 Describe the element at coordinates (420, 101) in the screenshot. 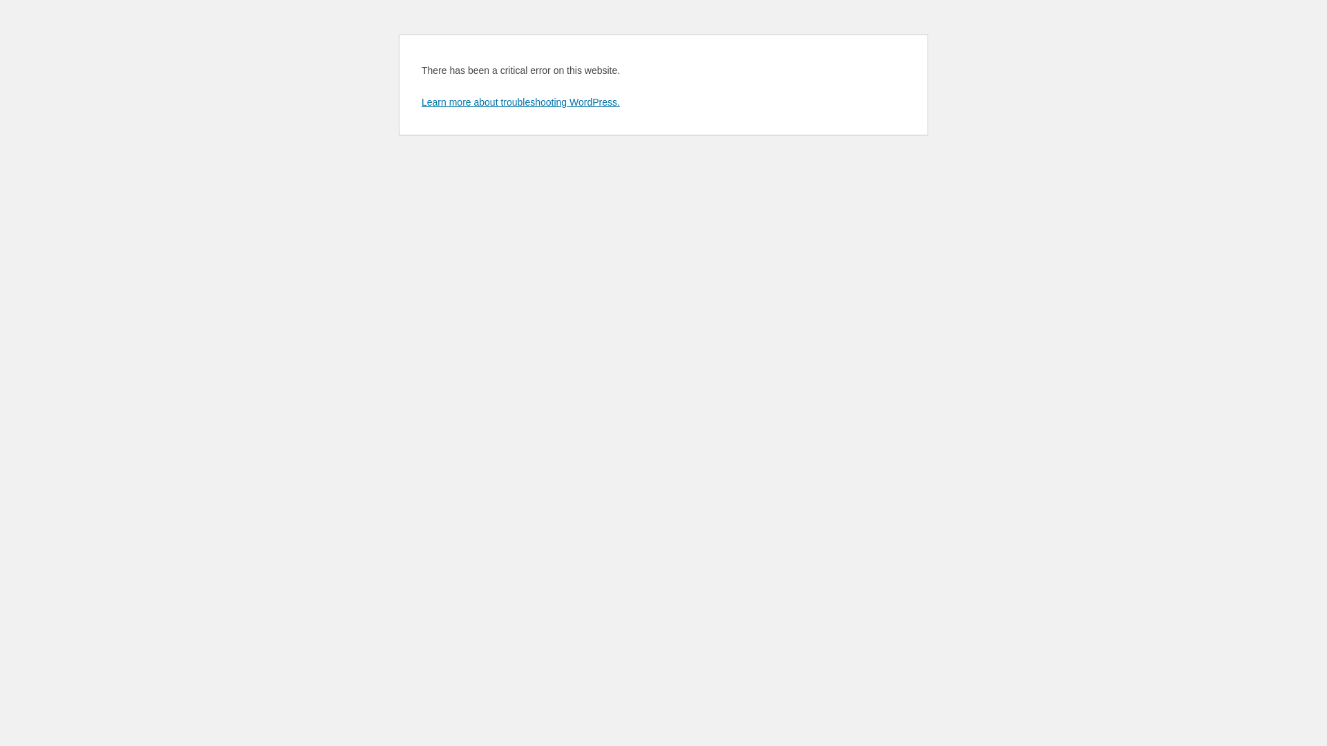

I see `'Learn more about troubleshooting WordPress.'` at that location.